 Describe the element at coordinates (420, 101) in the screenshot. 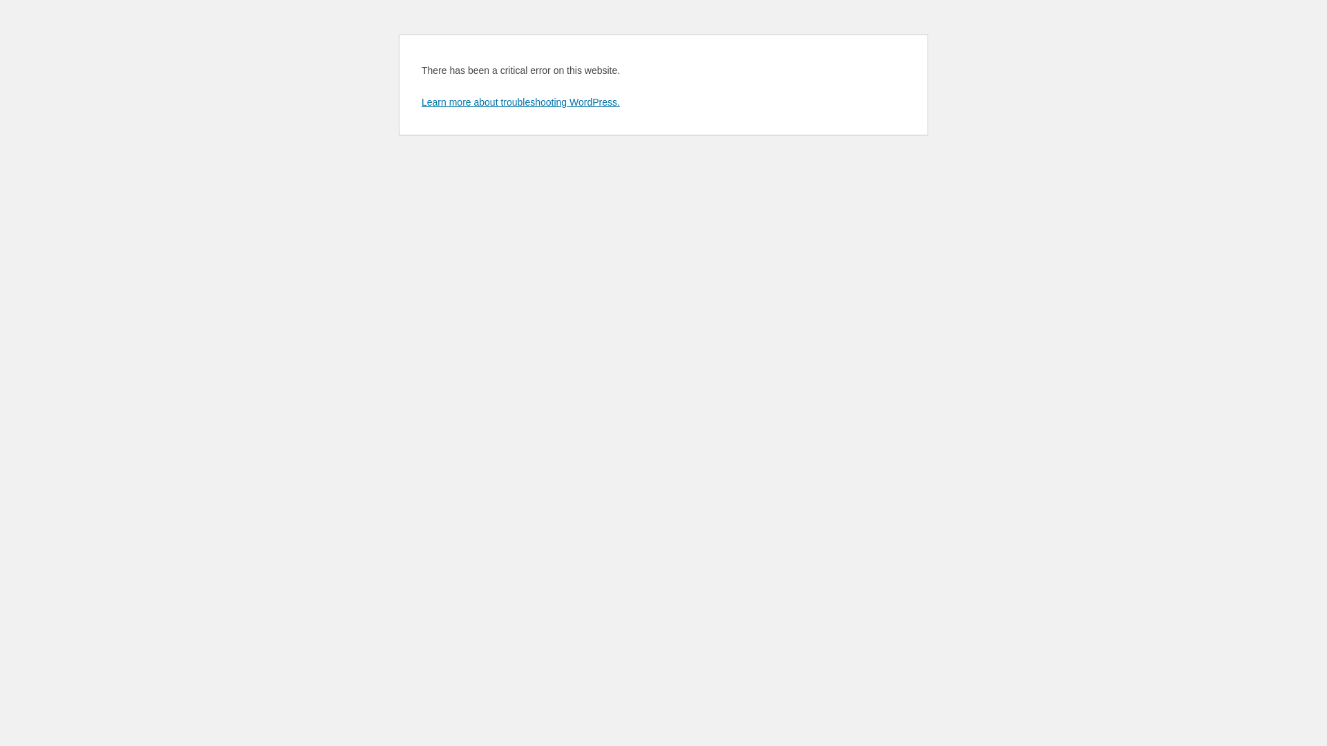

I see `'Learn more about troubleshooting WordPress.'` at that location.